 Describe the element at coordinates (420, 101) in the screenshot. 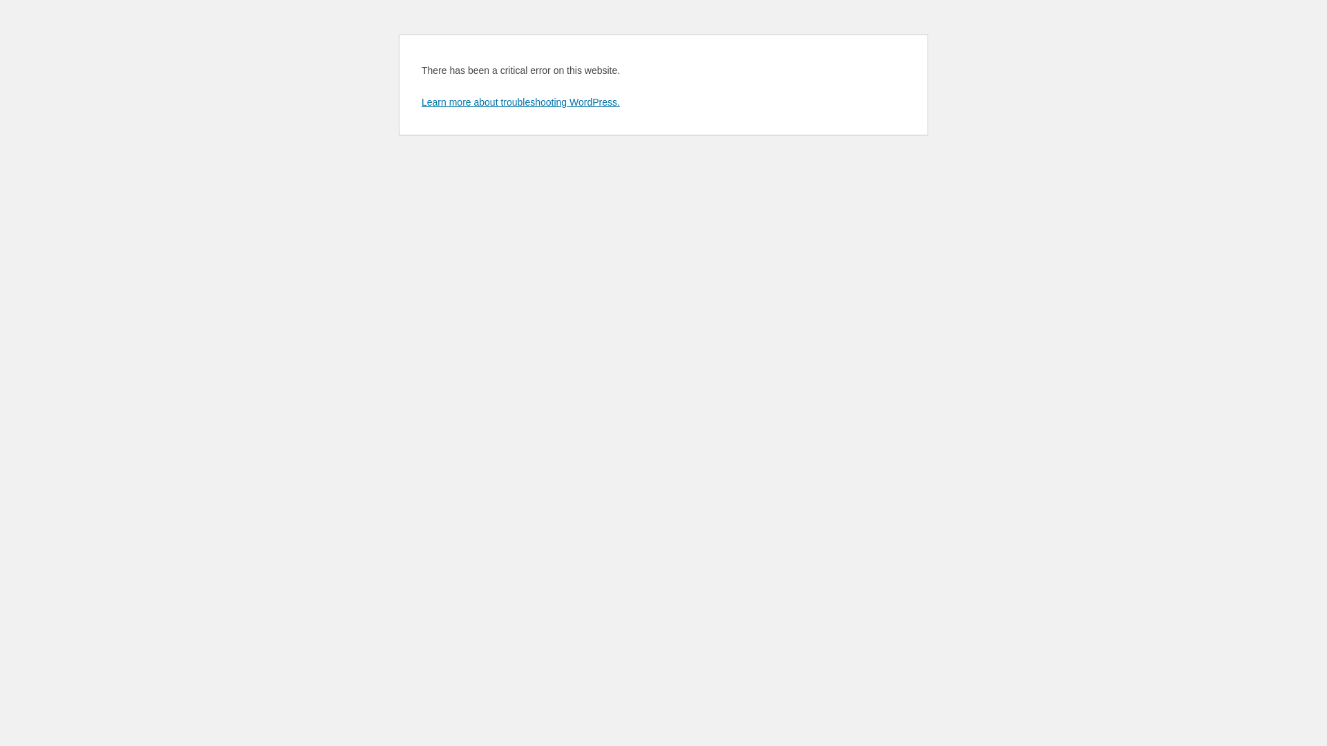

I see `'Learn more about troubleshooting WordPress.'` at that location.